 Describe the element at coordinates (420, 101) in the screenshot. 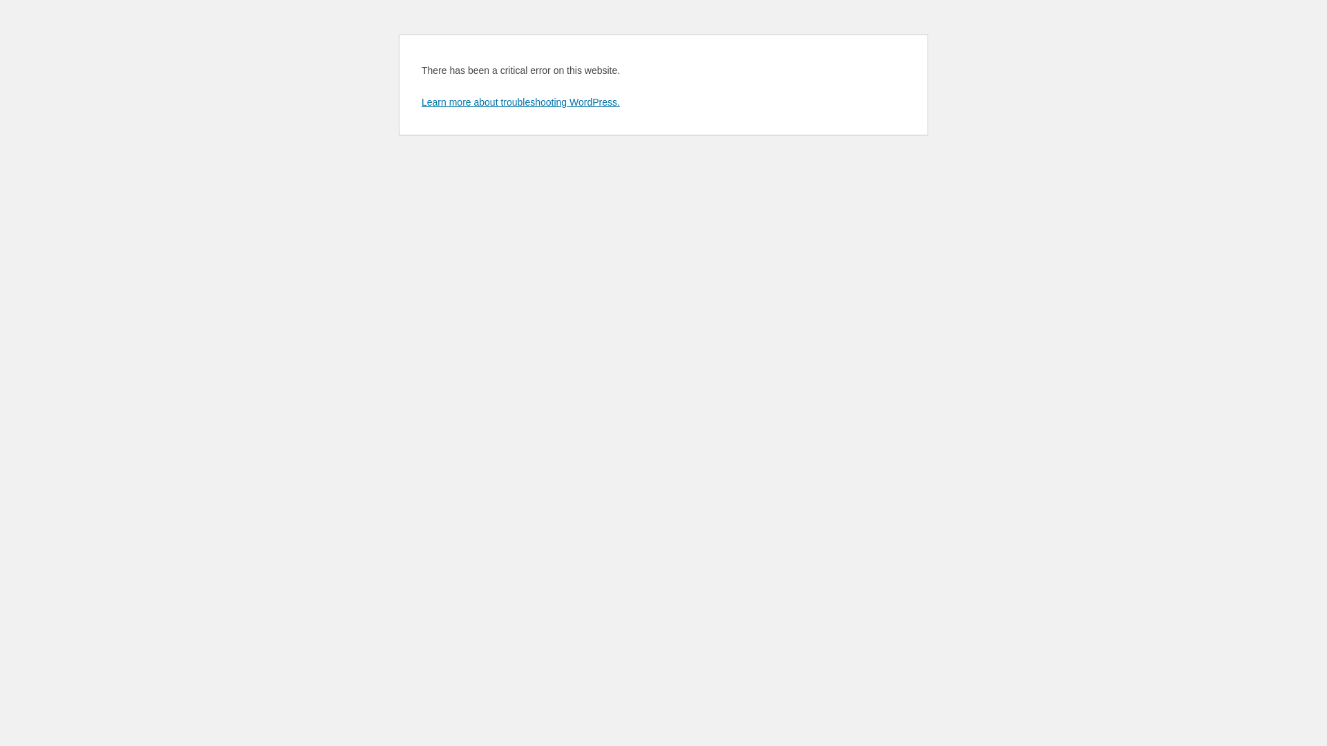

I see `'Learn more about troubleshooting WordPress.'` at that location.